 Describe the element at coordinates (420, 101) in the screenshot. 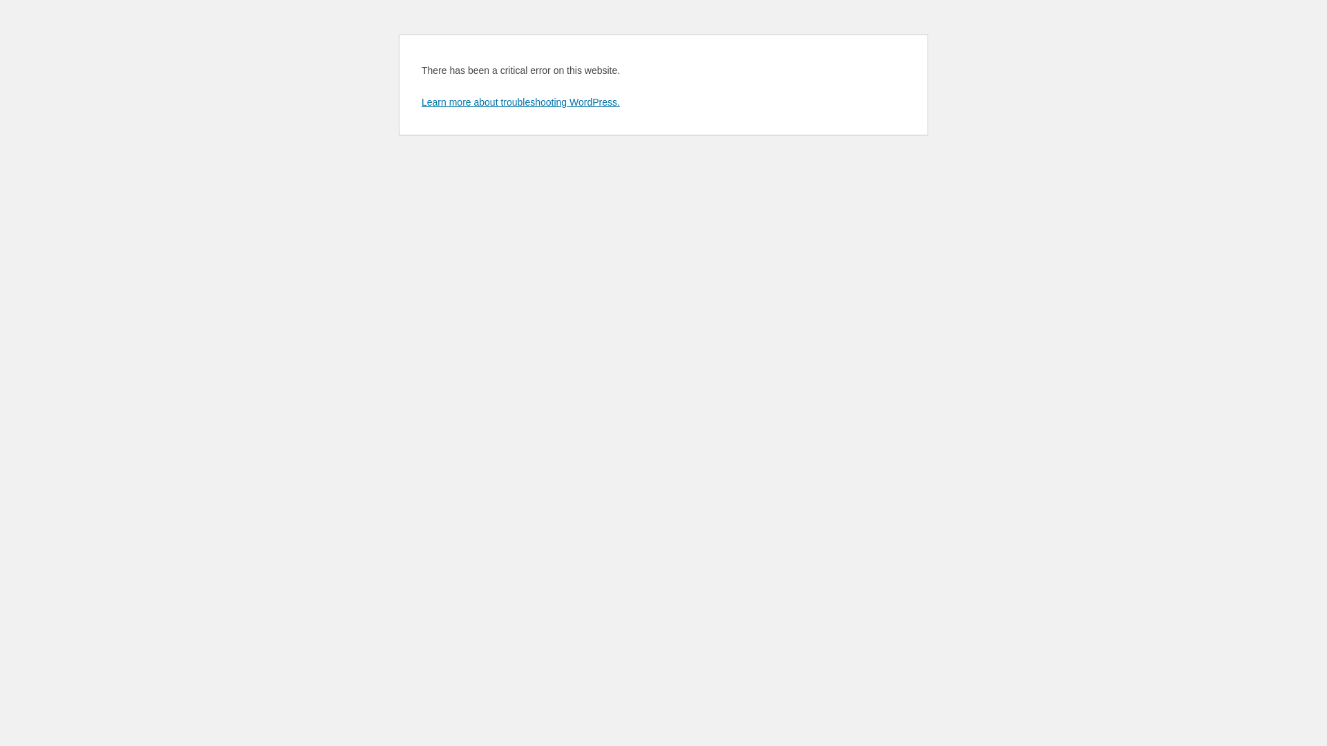

I see `'Learn more about troubleshooting WordPress.'` at that location.